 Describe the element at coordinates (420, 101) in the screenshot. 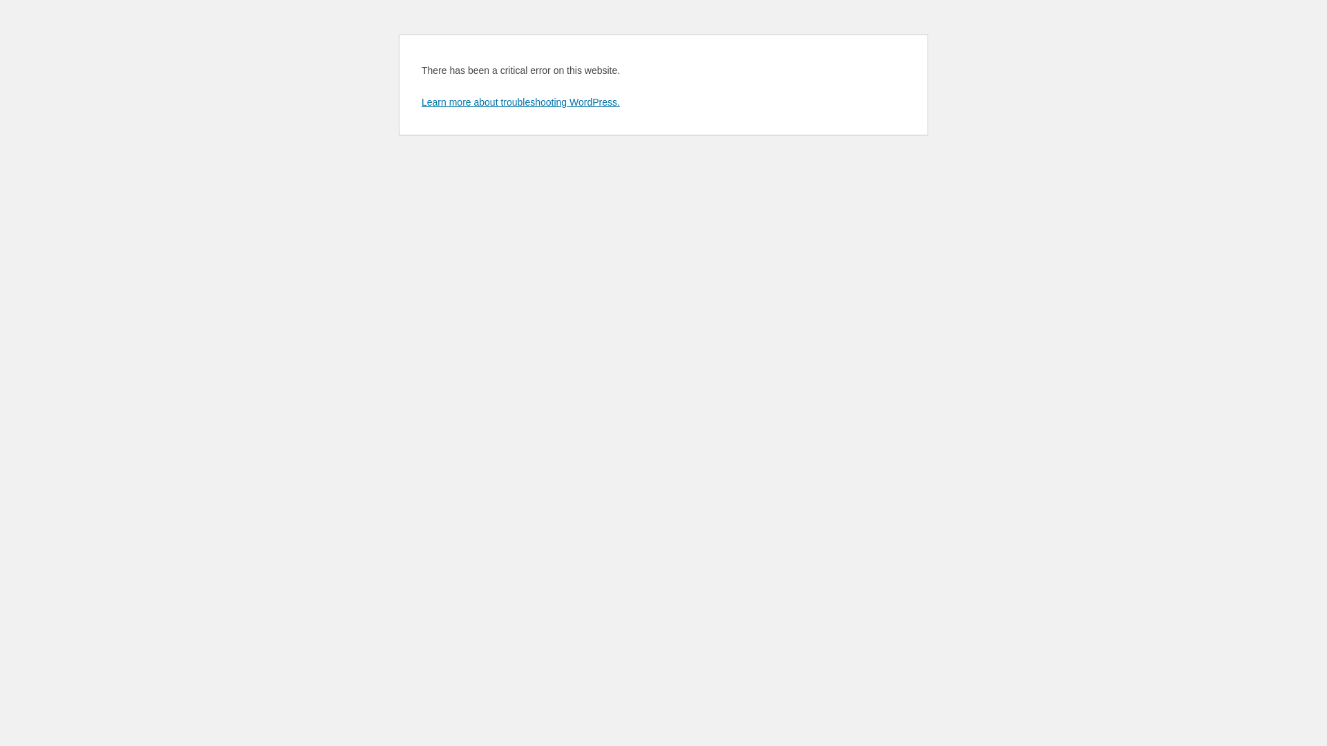

I see `'Learn more about troubleshooting WordPress.'` at that location.